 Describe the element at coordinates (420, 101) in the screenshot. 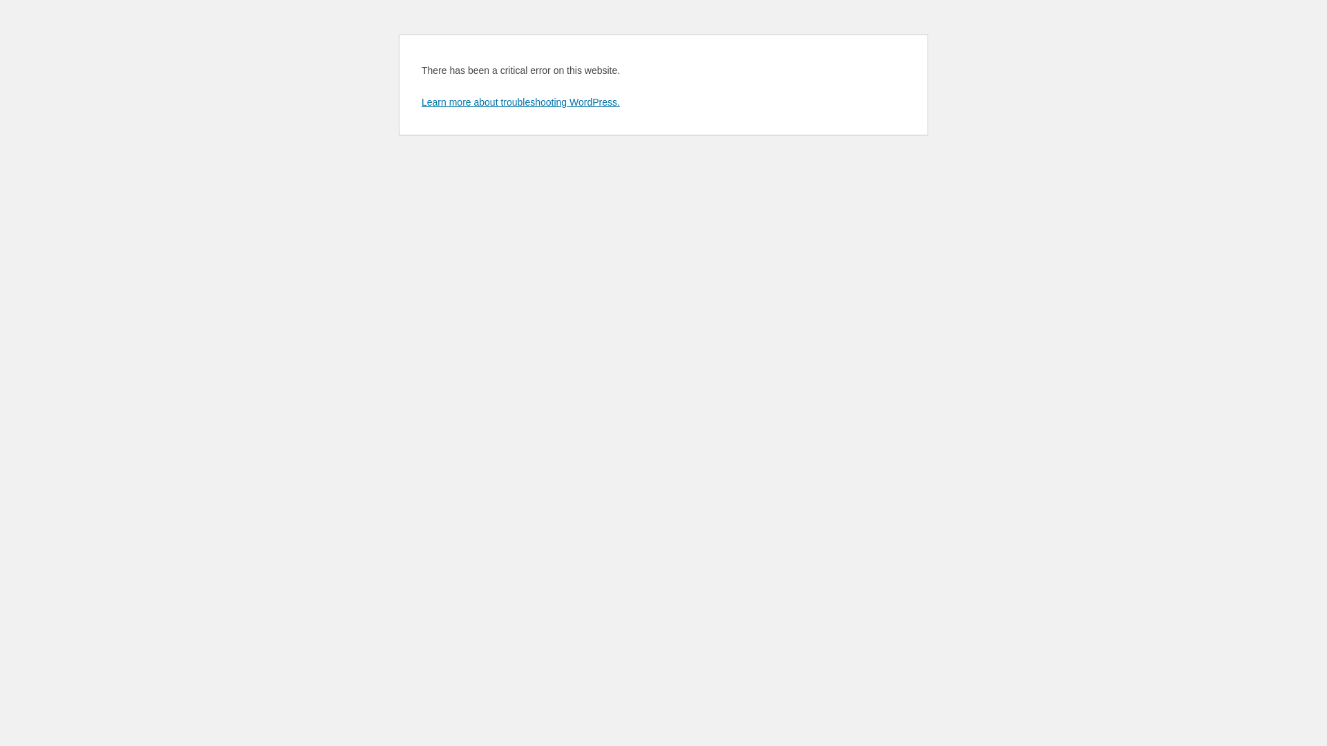

I see `'Learn more about troubleshooting WordPress.'` at that location.